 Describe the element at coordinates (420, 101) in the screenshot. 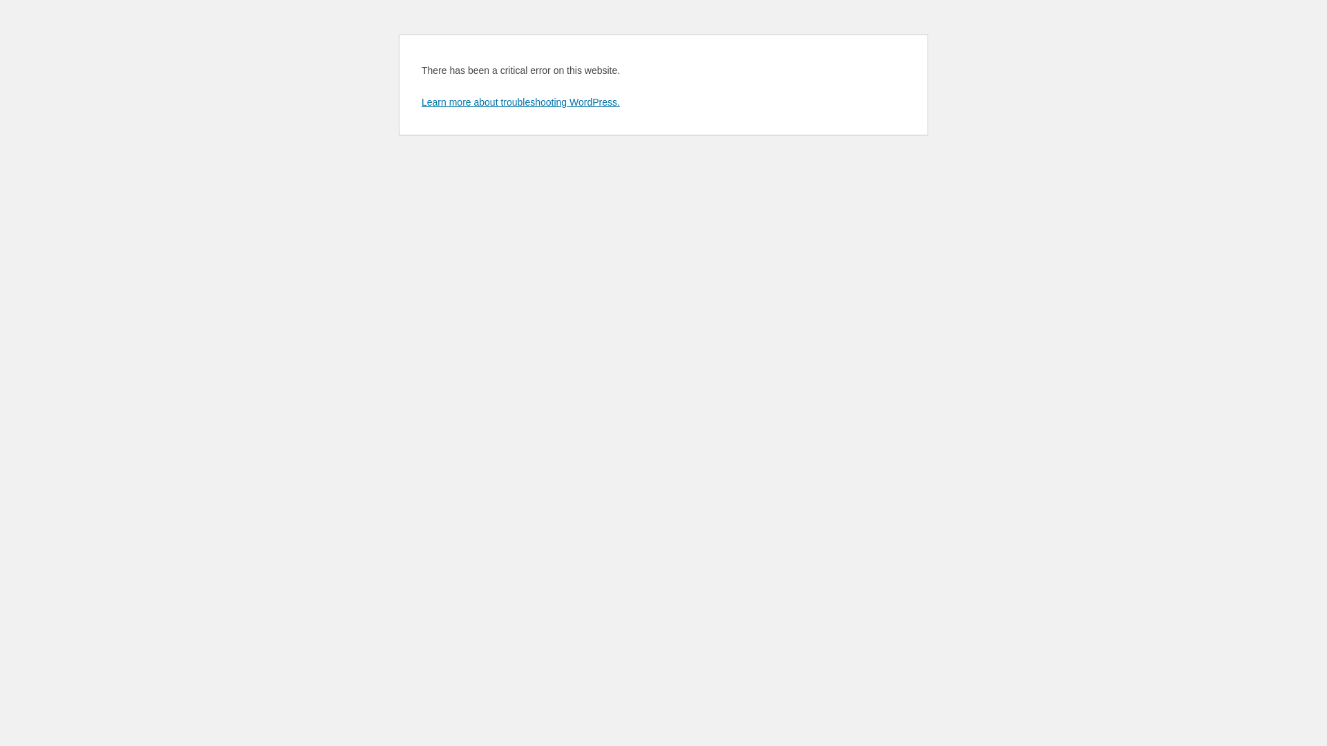

I see `'Learn more about troubleshooting WordPress.'` at that location.